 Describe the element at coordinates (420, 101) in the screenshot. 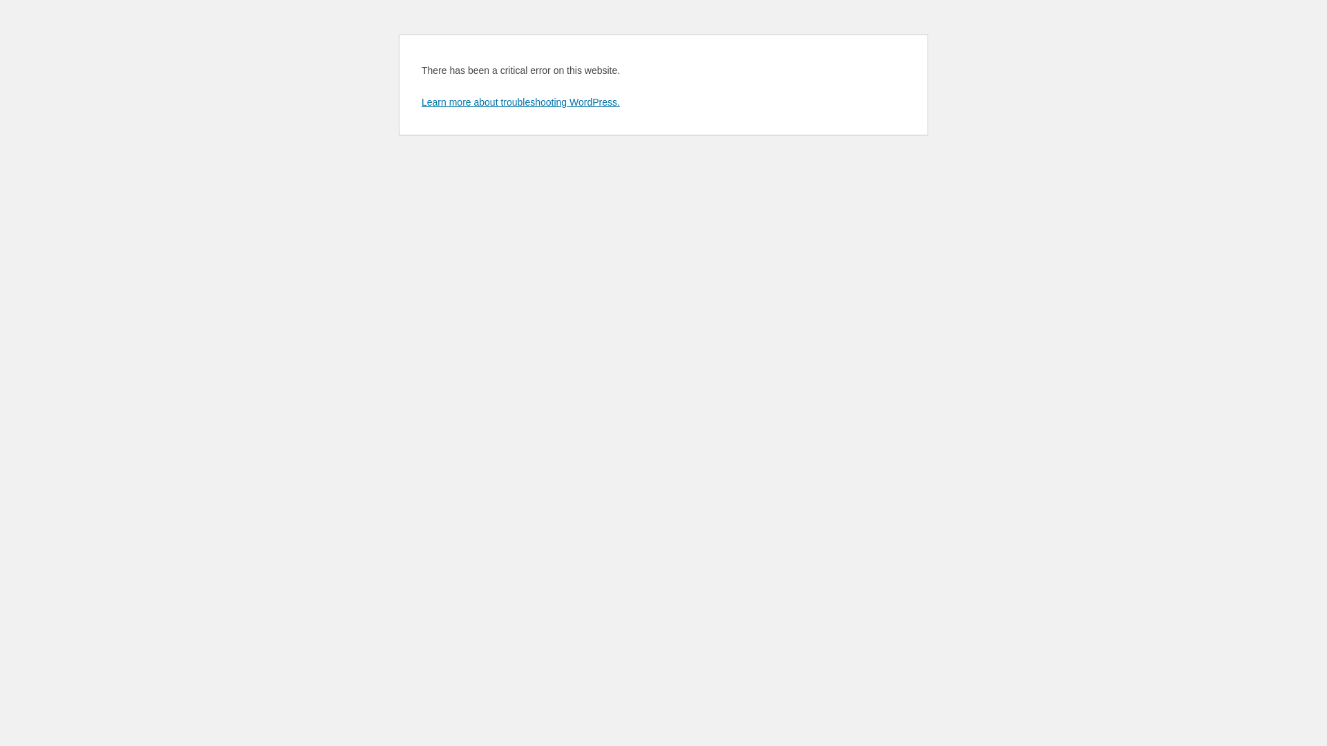

I see `'Learn more about troubleshooting WordPress.'` at that location.